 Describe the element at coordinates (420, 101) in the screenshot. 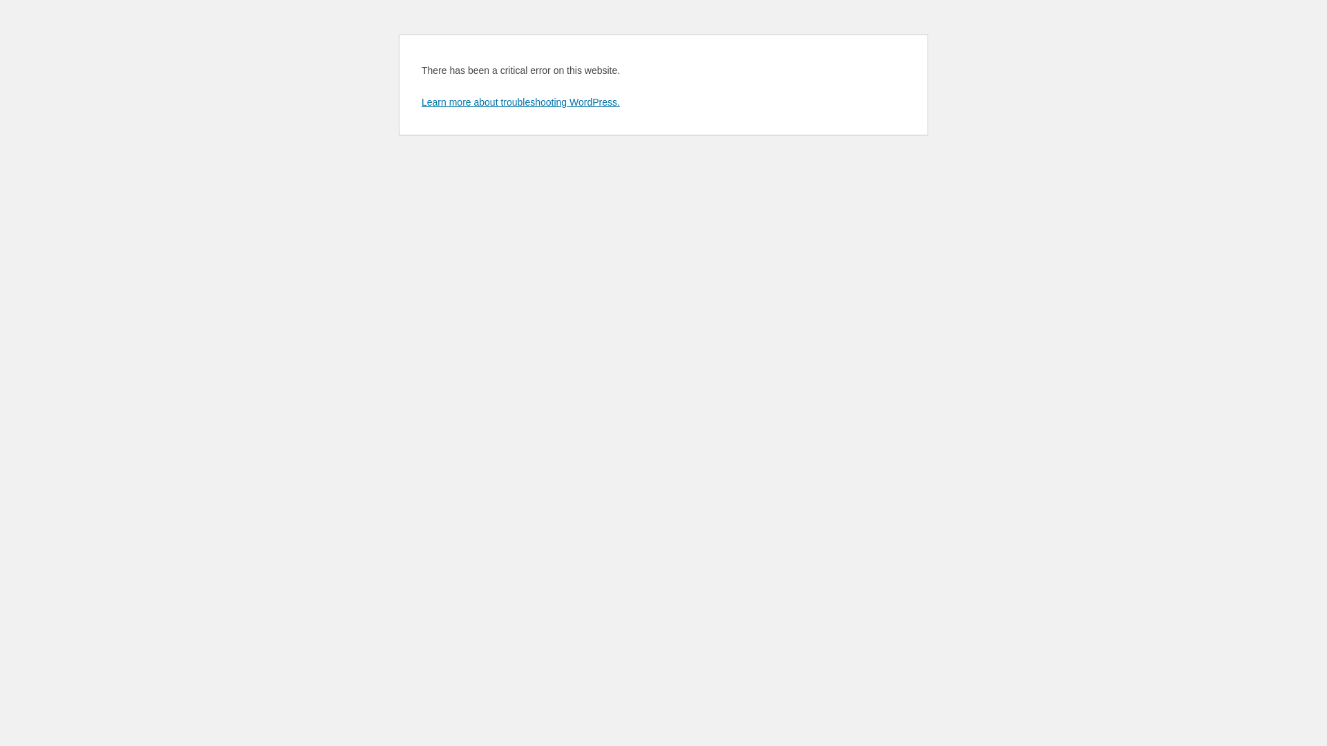

I see `'Learn more about troubleshooting WordPress.'` at that location.